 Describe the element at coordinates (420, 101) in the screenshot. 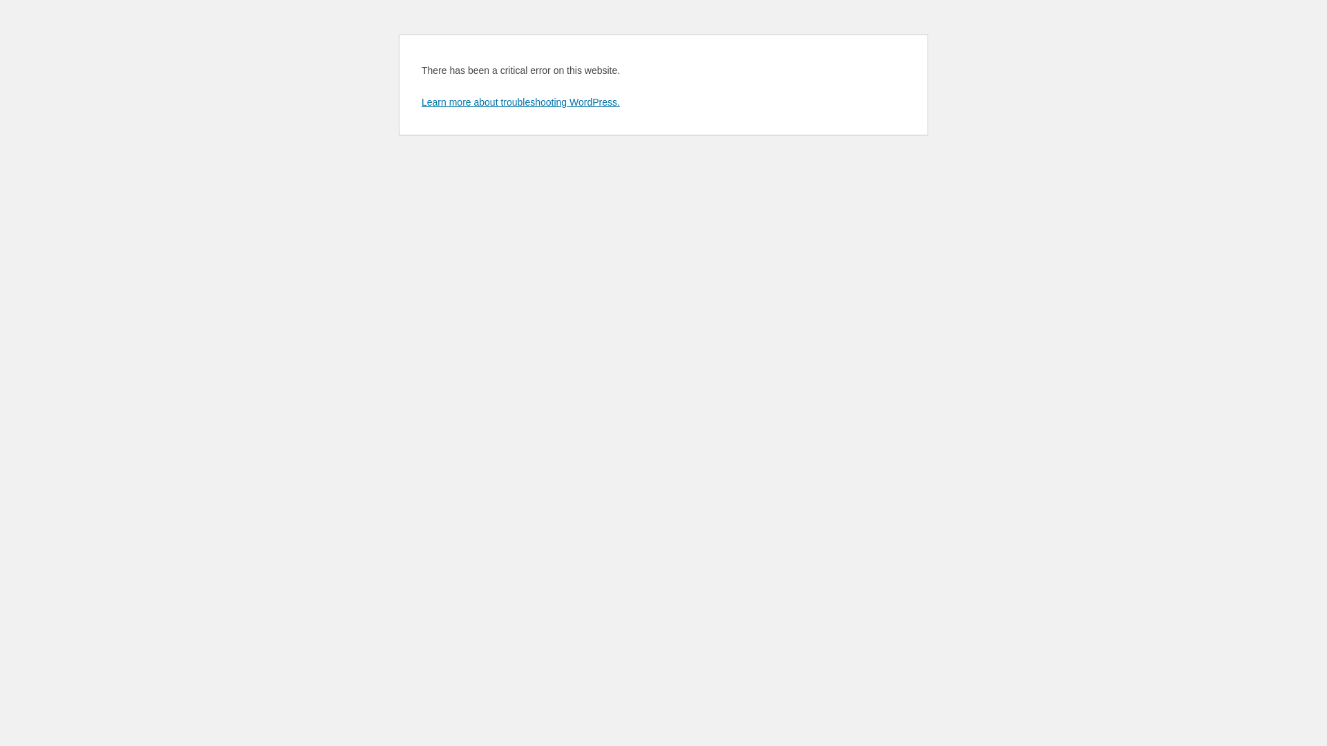

I see `'Learn more about troubleshooting WordPress.'` at that location.